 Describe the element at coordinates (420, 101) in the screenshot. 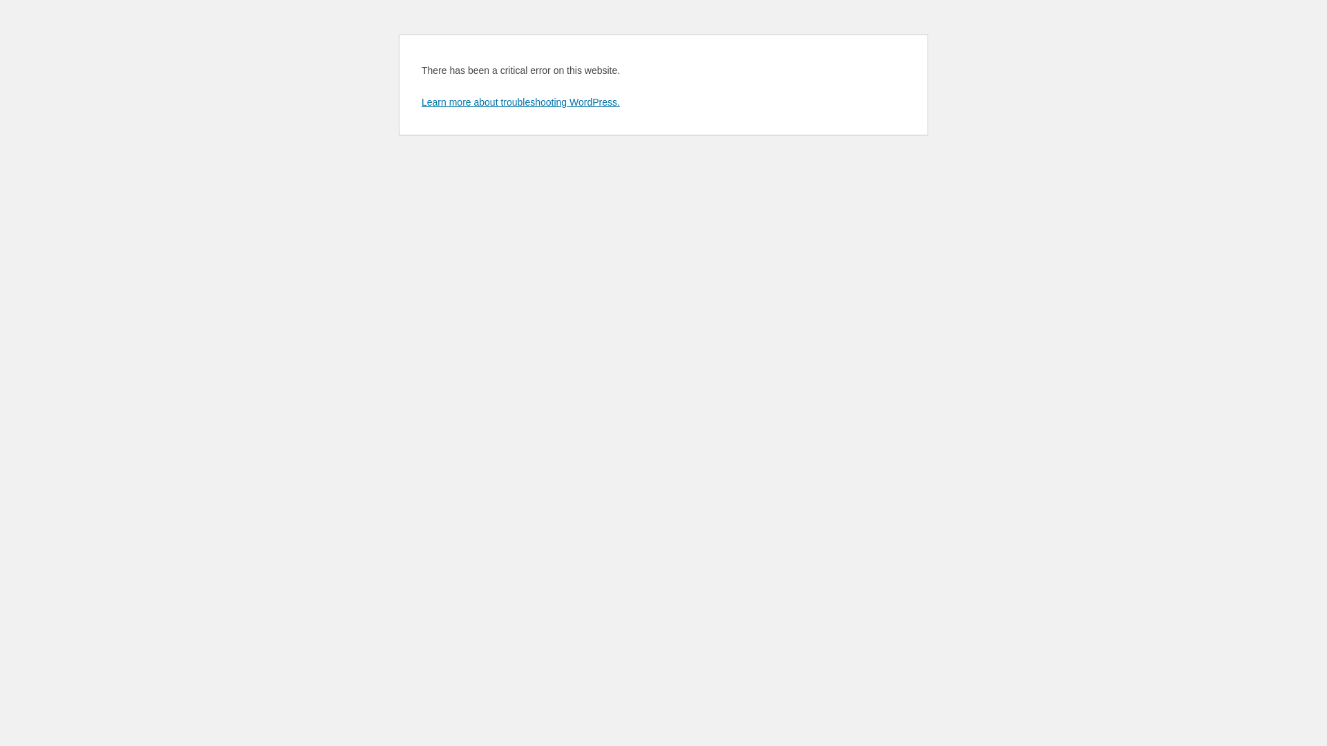

I see `'Learn more about troubleshooting WordPress.'` at that location.